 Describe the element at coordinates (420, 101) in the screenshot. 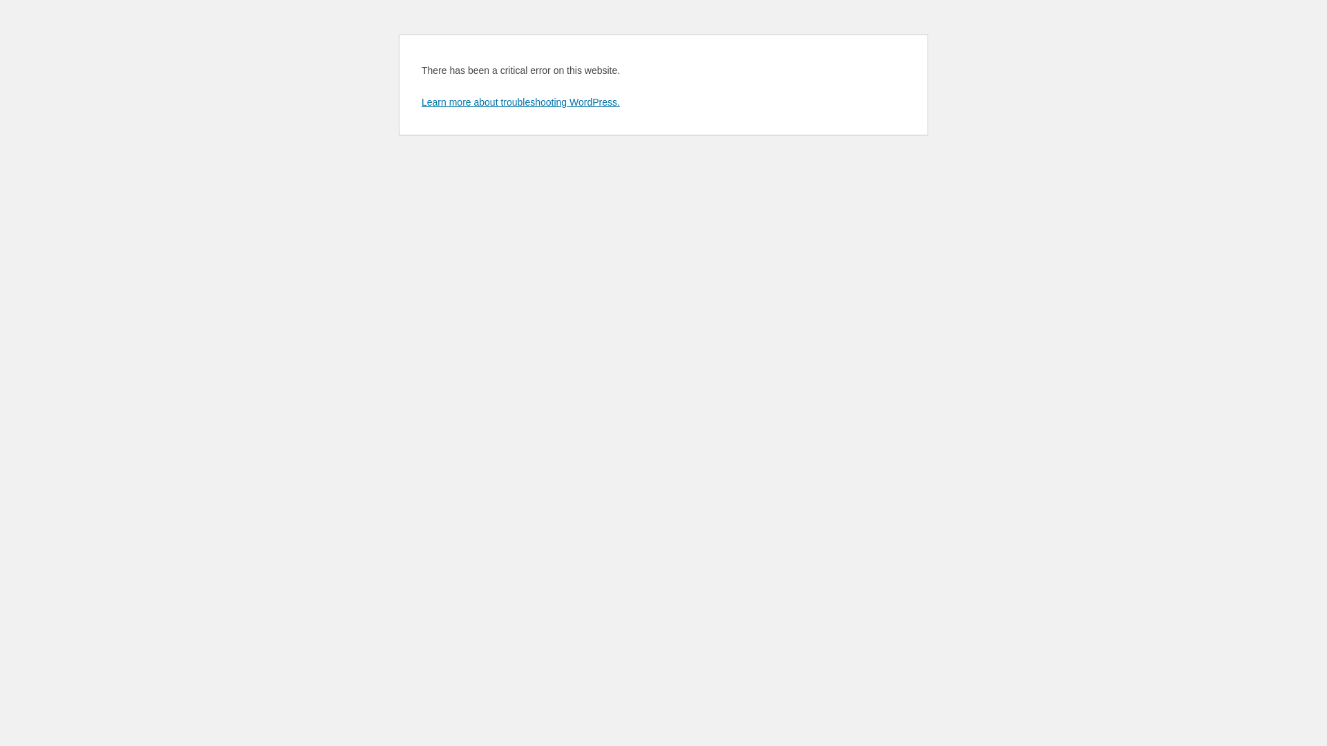

I see `'Learn more about troubleshooting WordPress.'` at that location.